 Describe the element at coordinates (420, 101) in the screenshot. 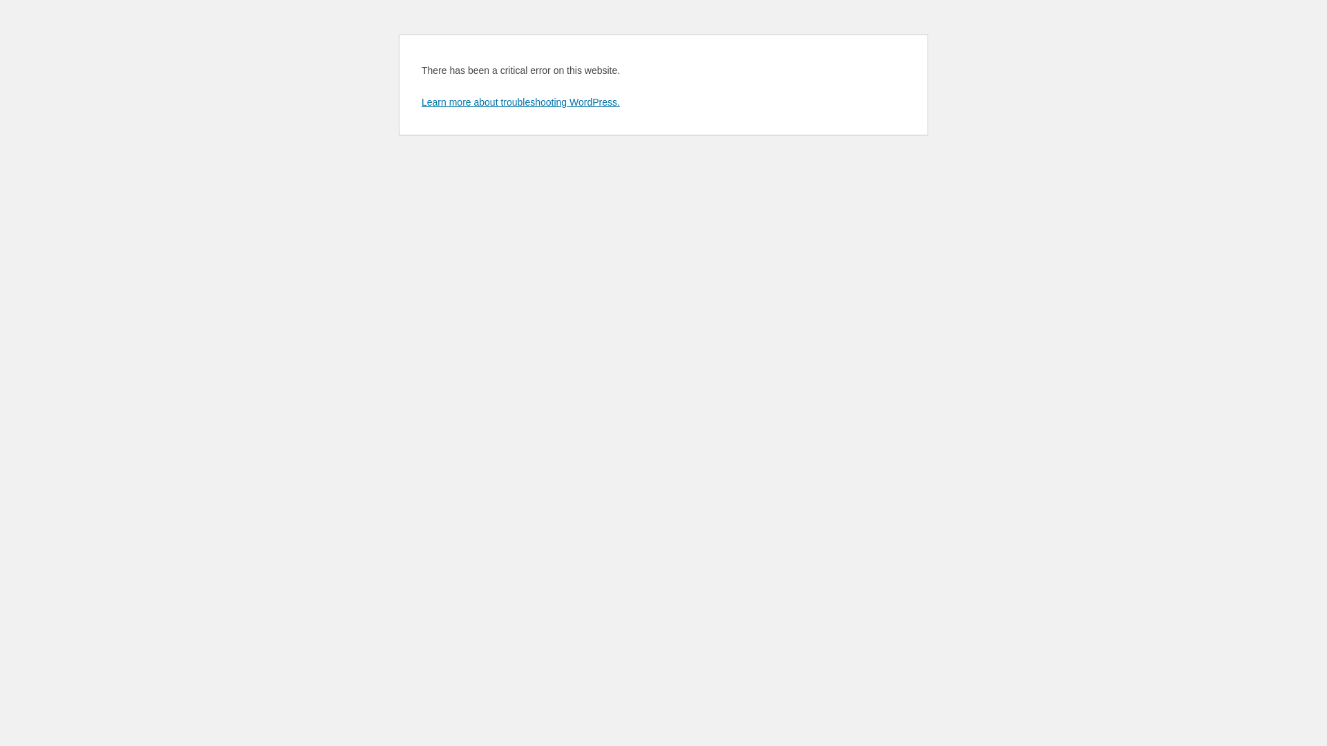

I see `'Learn more about troubleshooting WordPress.'` at that location.